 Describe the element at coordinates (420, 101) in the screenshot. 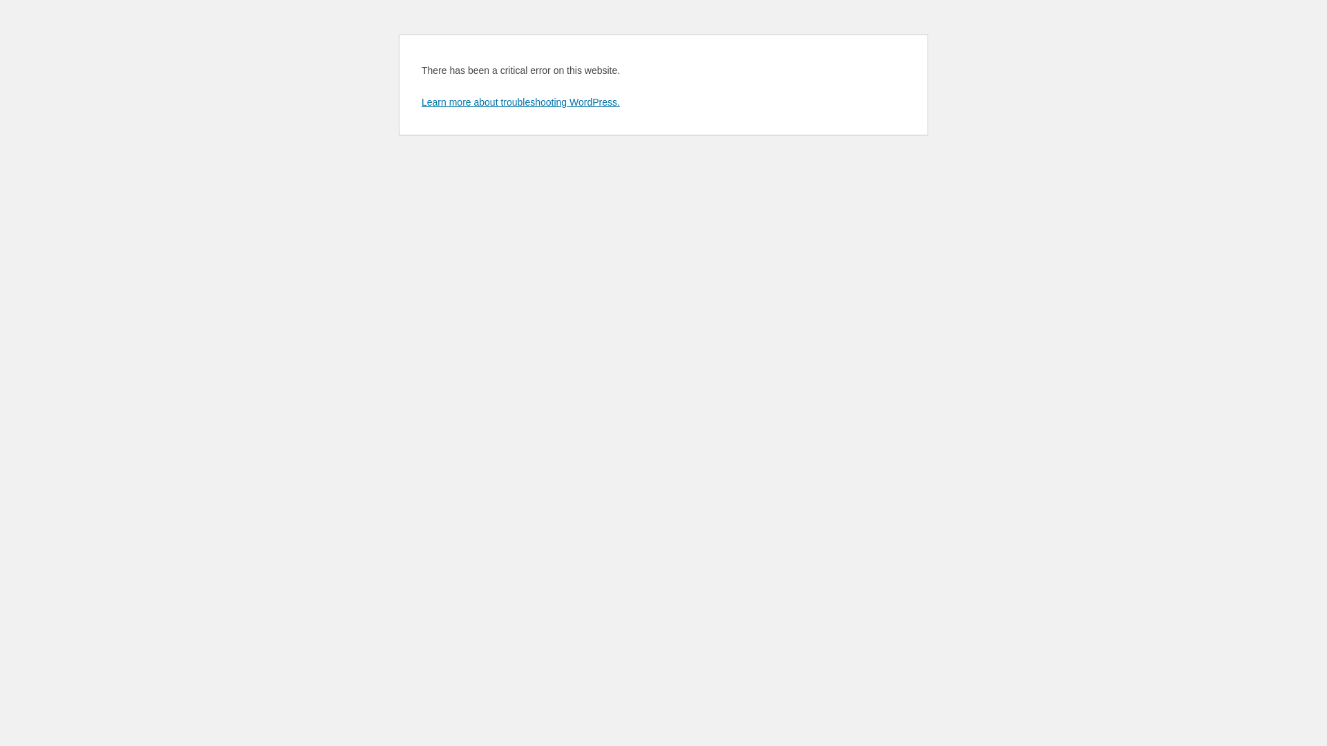

I see `'Learn more about troubleshooting WordPress.'` at that location.